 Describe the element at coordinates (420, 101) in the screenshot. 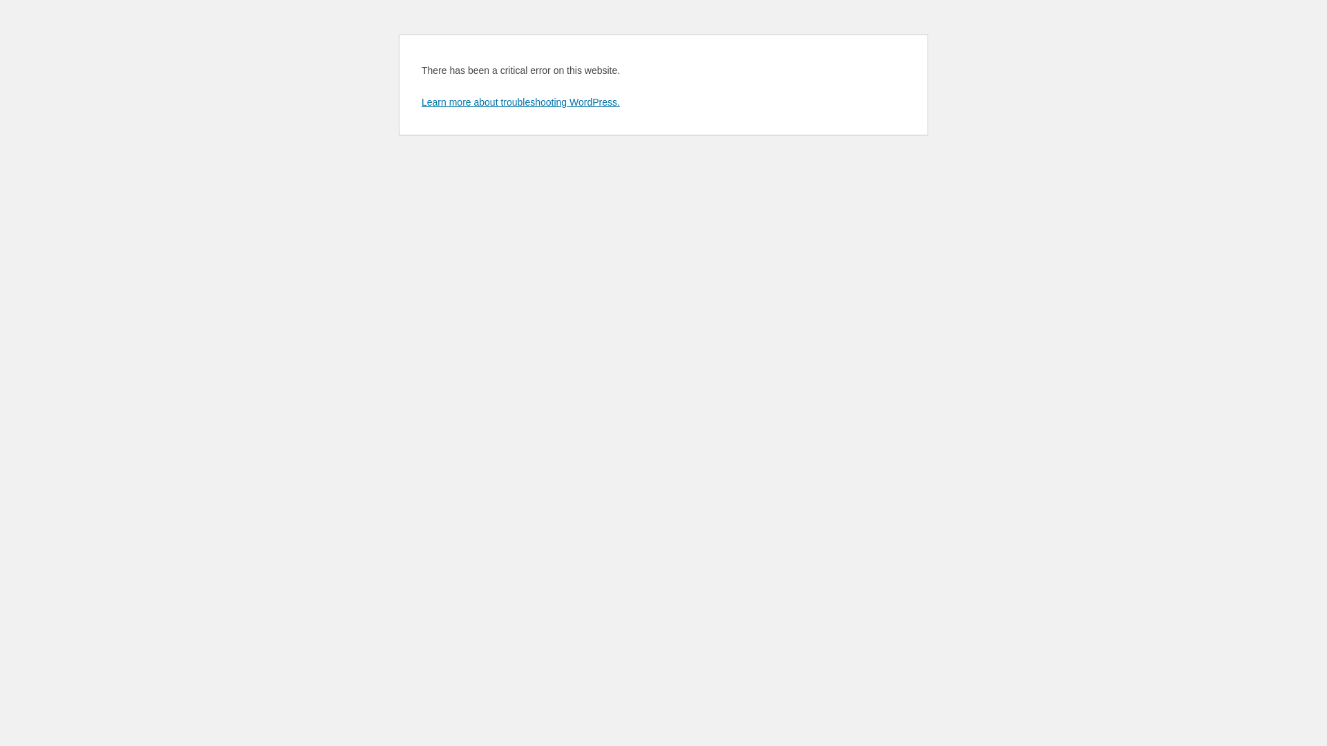

I see `'Learn more about troubleshooting WordPress.'` at that location.